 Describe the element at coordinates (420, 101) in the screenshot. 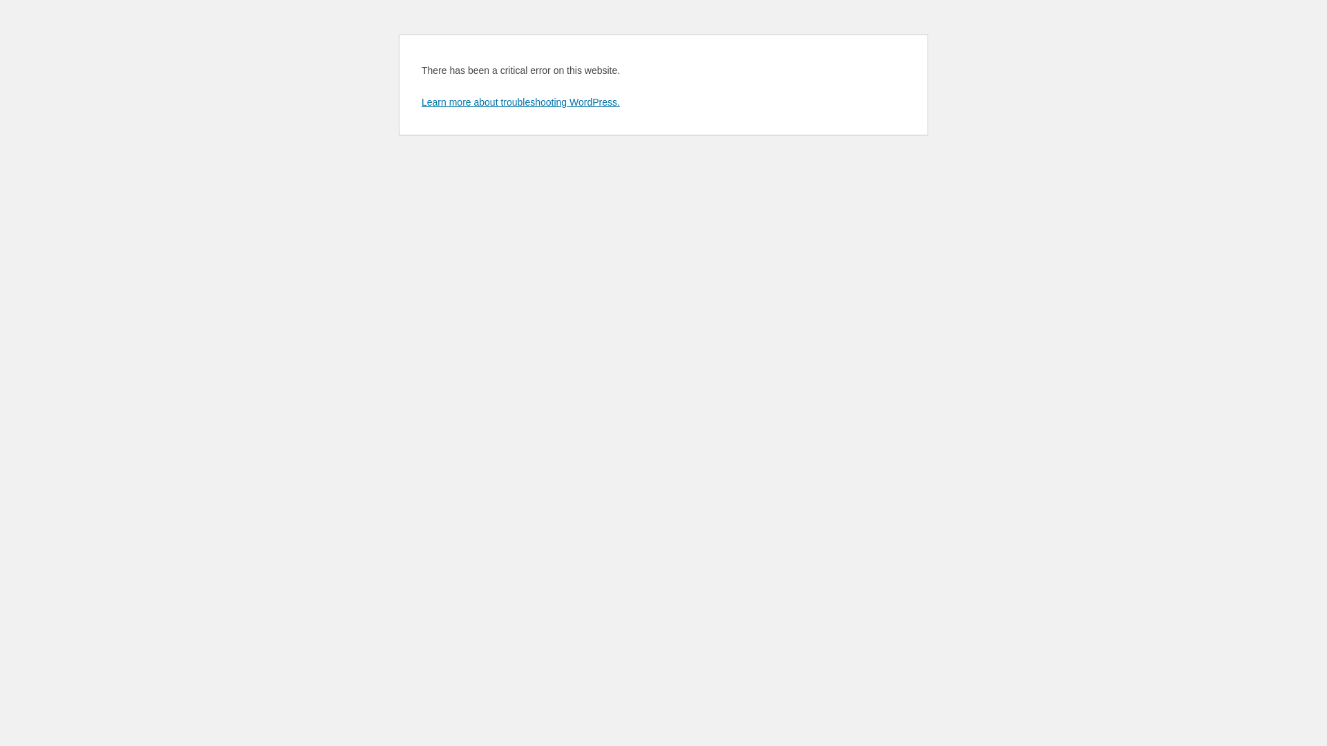

I see `'Learn more about troubleshooting WordPress.'` at that location.